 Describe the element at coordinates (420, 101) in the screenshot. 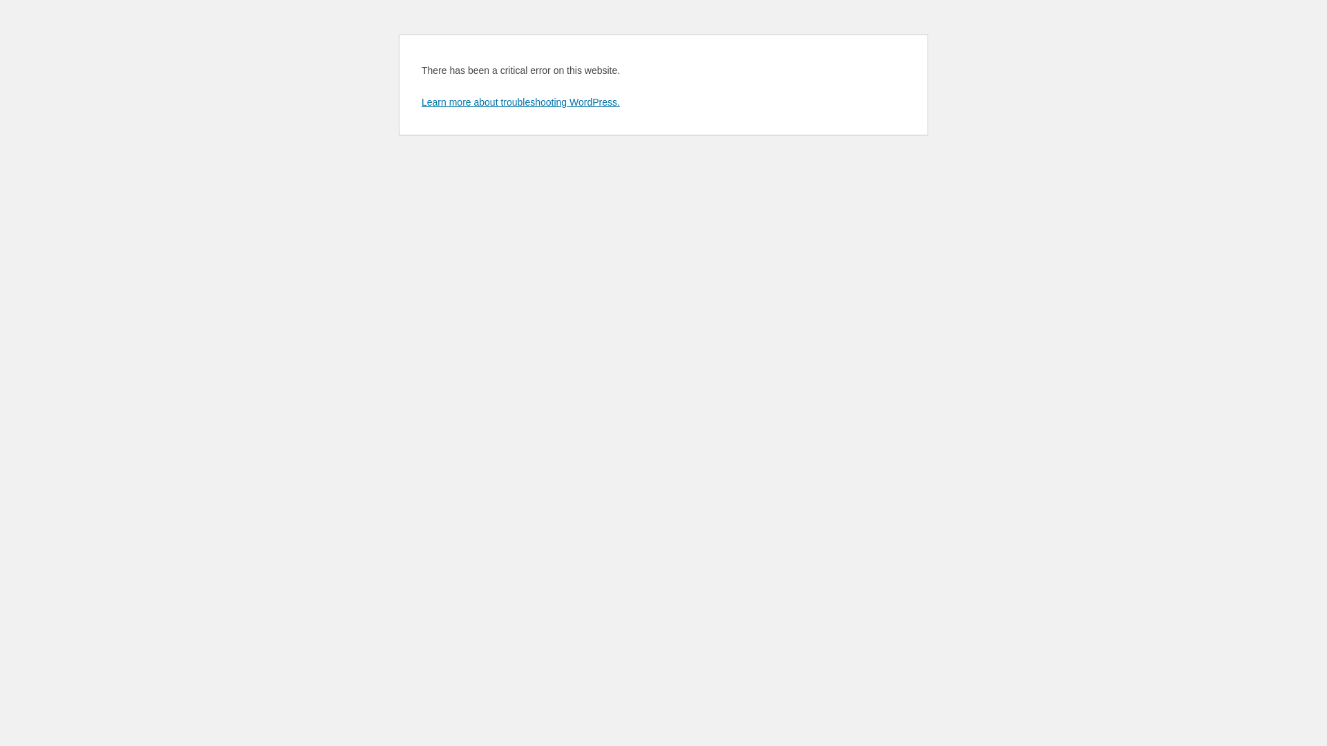

I see `'Learn more about troubleshooting WordPress.'` at that location.